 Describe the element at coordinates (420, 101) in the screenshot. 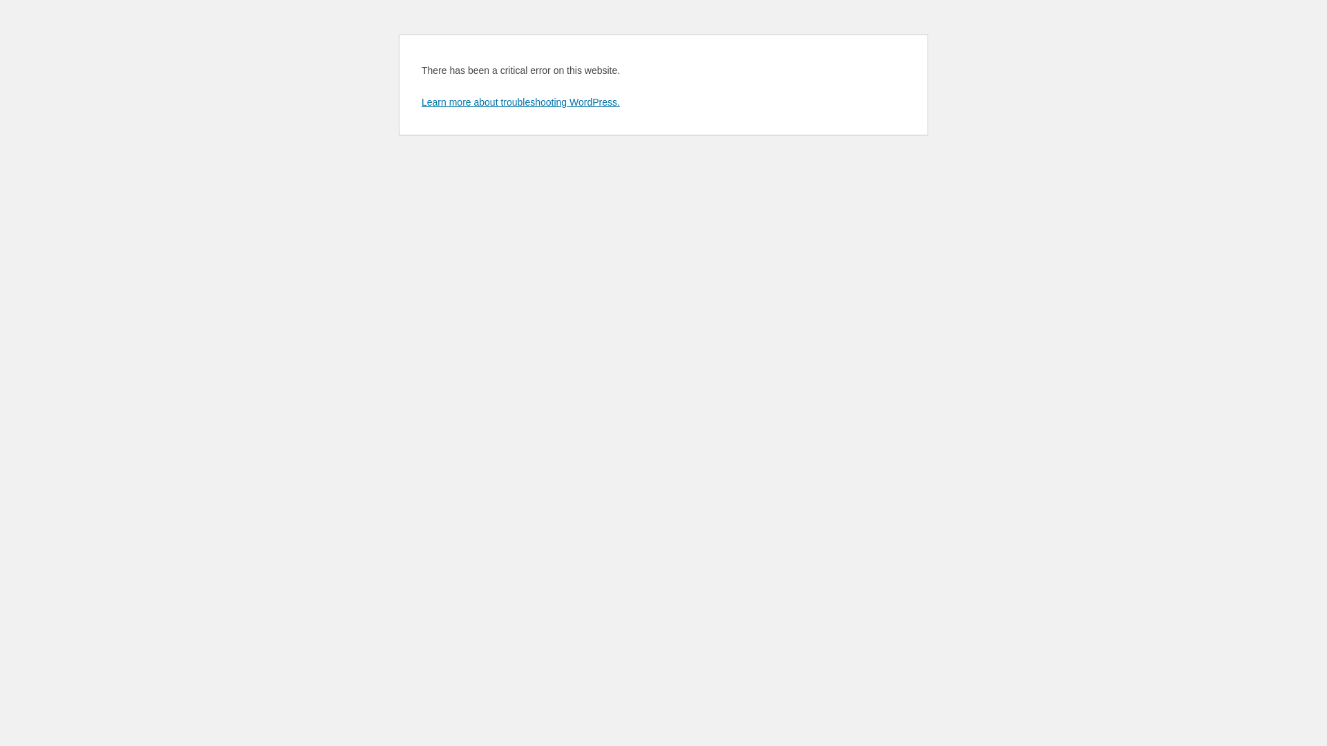

I see `'Learn more about troubleshooting WordPress.'` at that location.